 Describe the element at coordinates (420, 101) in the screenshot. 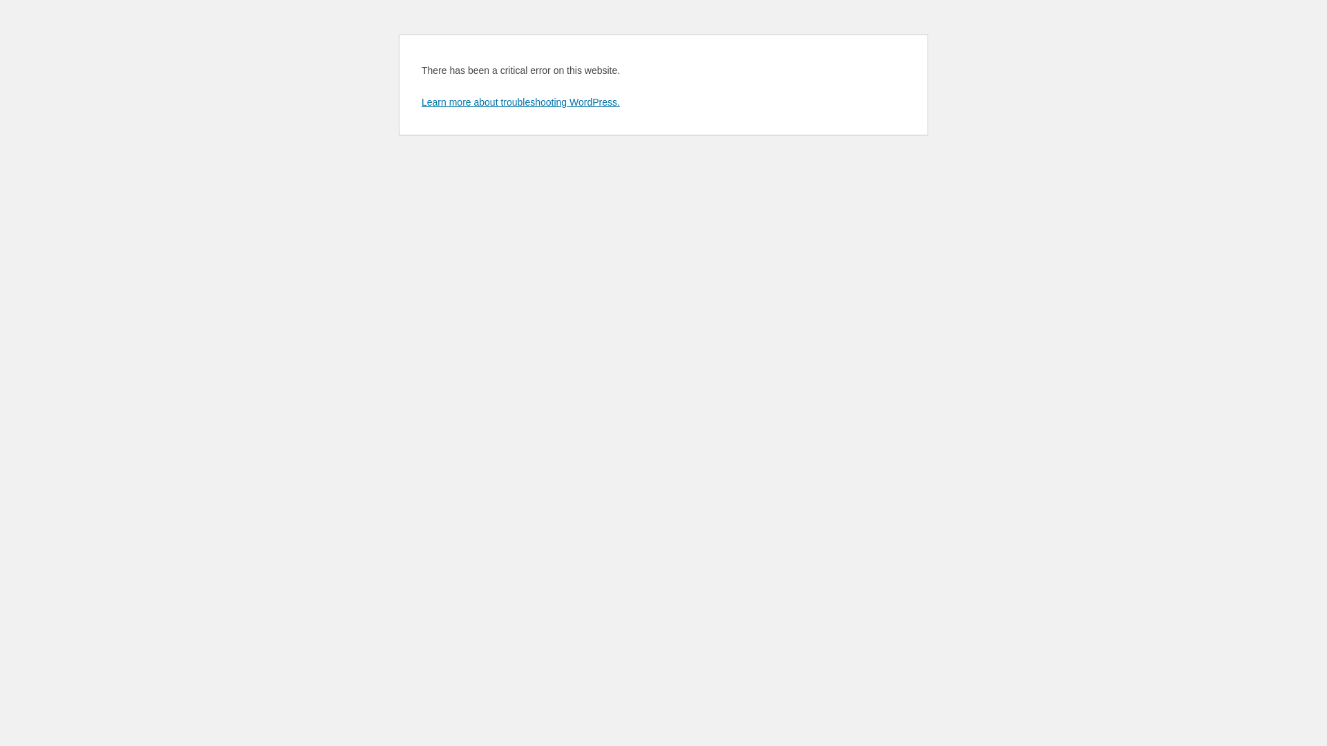

I see `'Learn more about troubleshooting WordPress.'` at that location.